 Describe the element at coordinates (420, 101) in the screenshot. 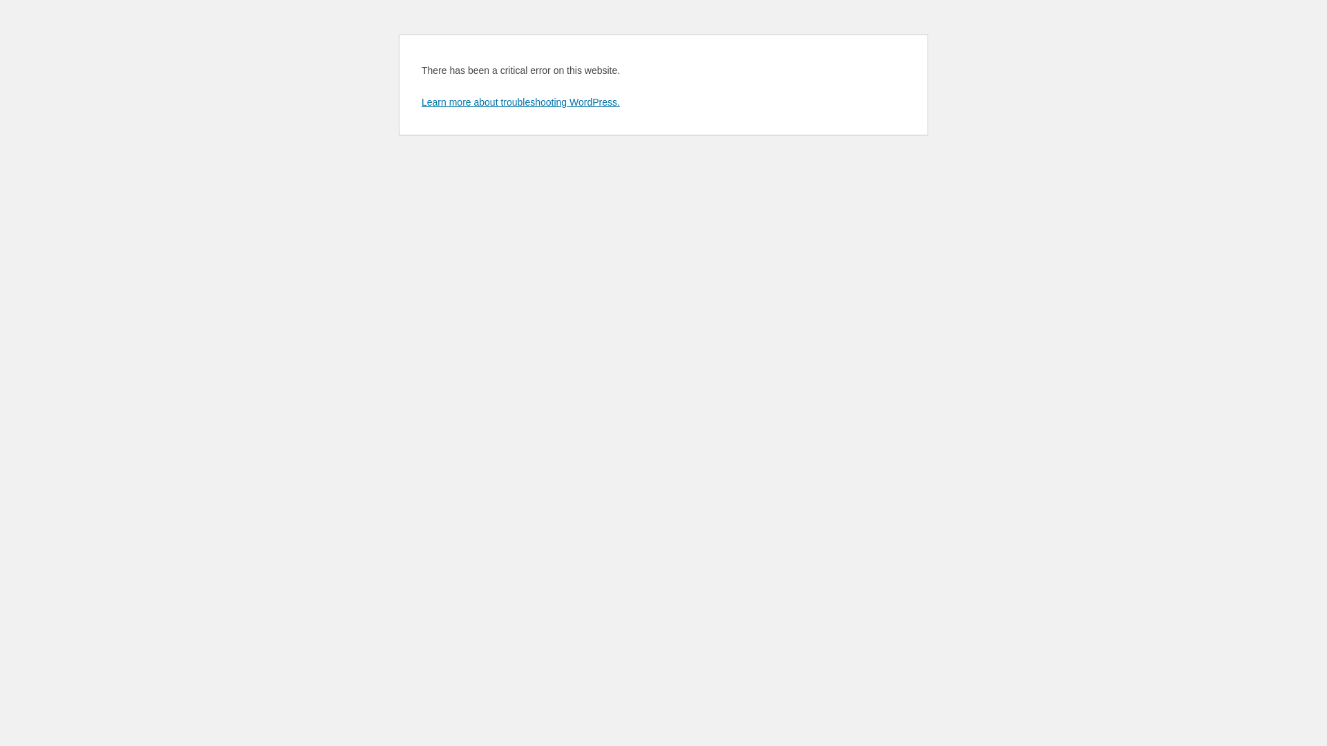

I see `'Learn more about troubleshooting WordPress.'` at that location.